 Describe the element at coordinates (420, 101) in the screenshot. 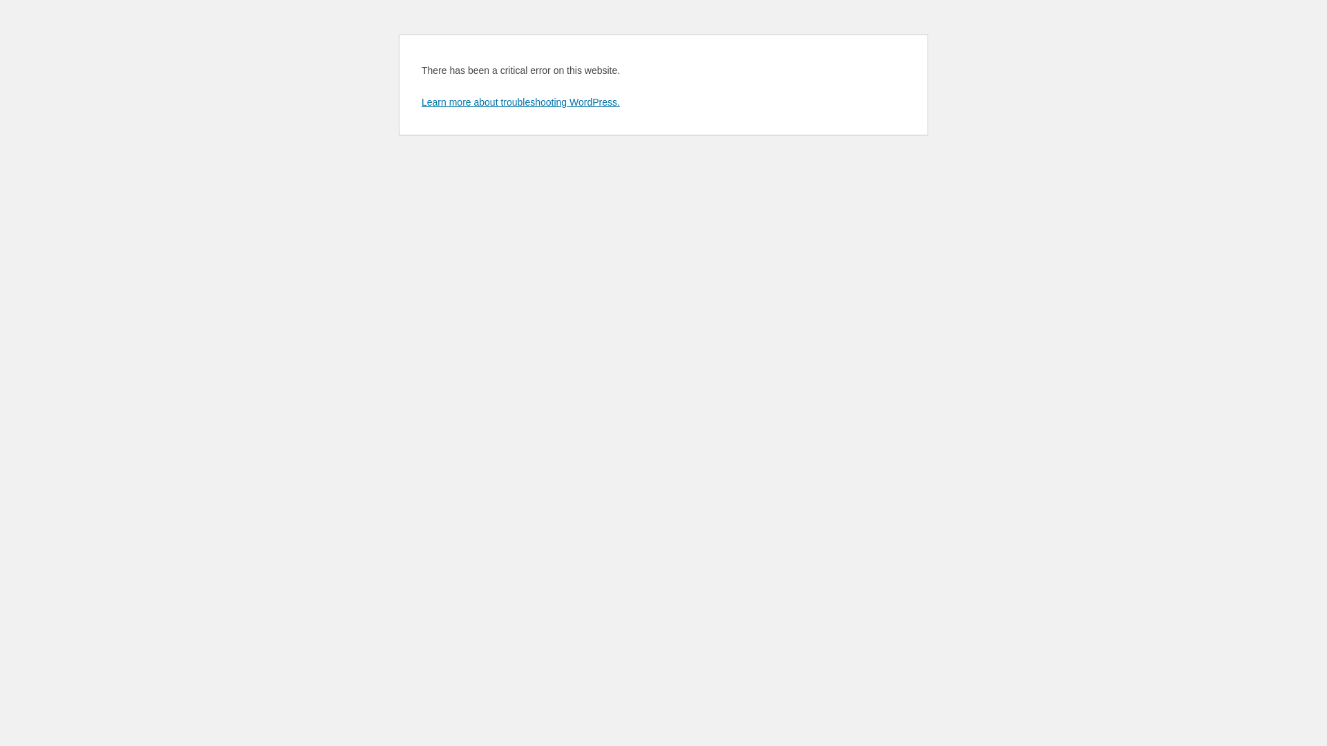

I see `'Learn more about troubleshooting WordPress.'` at that location.